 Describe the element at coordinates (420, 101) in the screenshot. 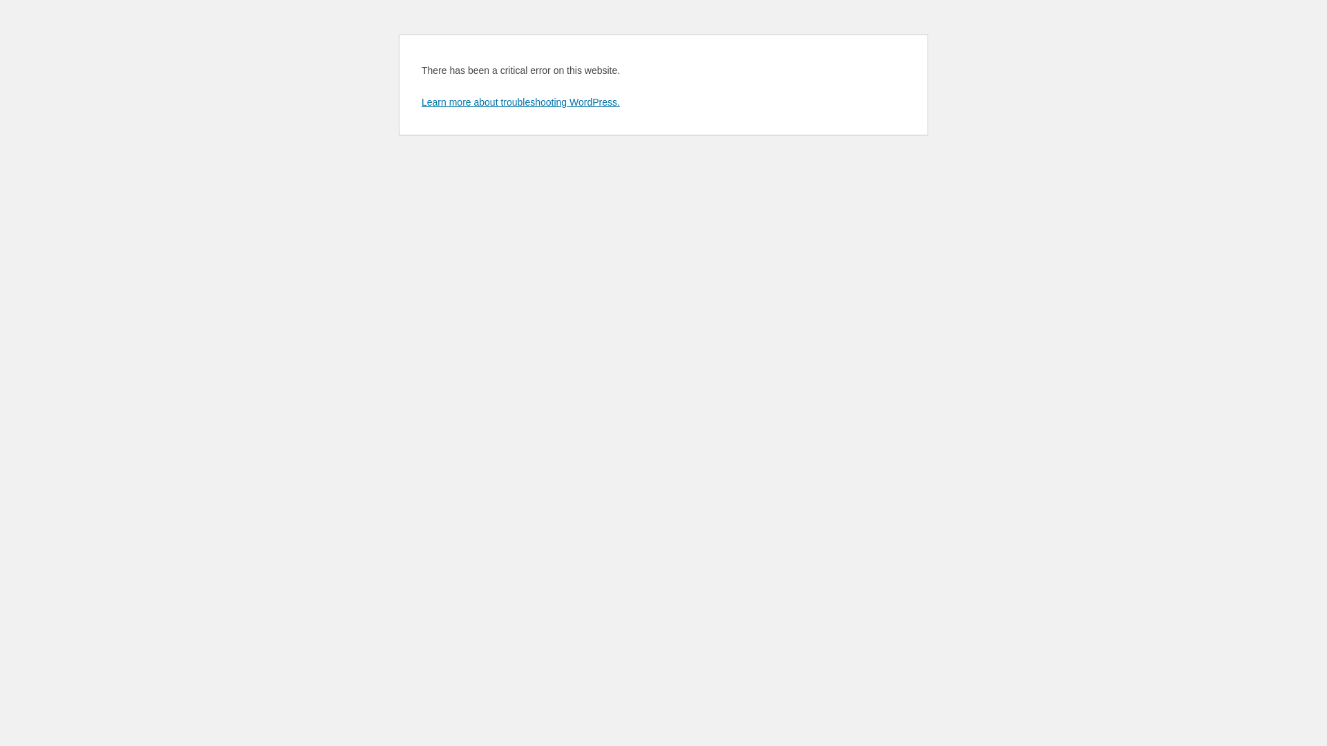

I see `'Learn more about troubleshooting WordPress.'` at that location.